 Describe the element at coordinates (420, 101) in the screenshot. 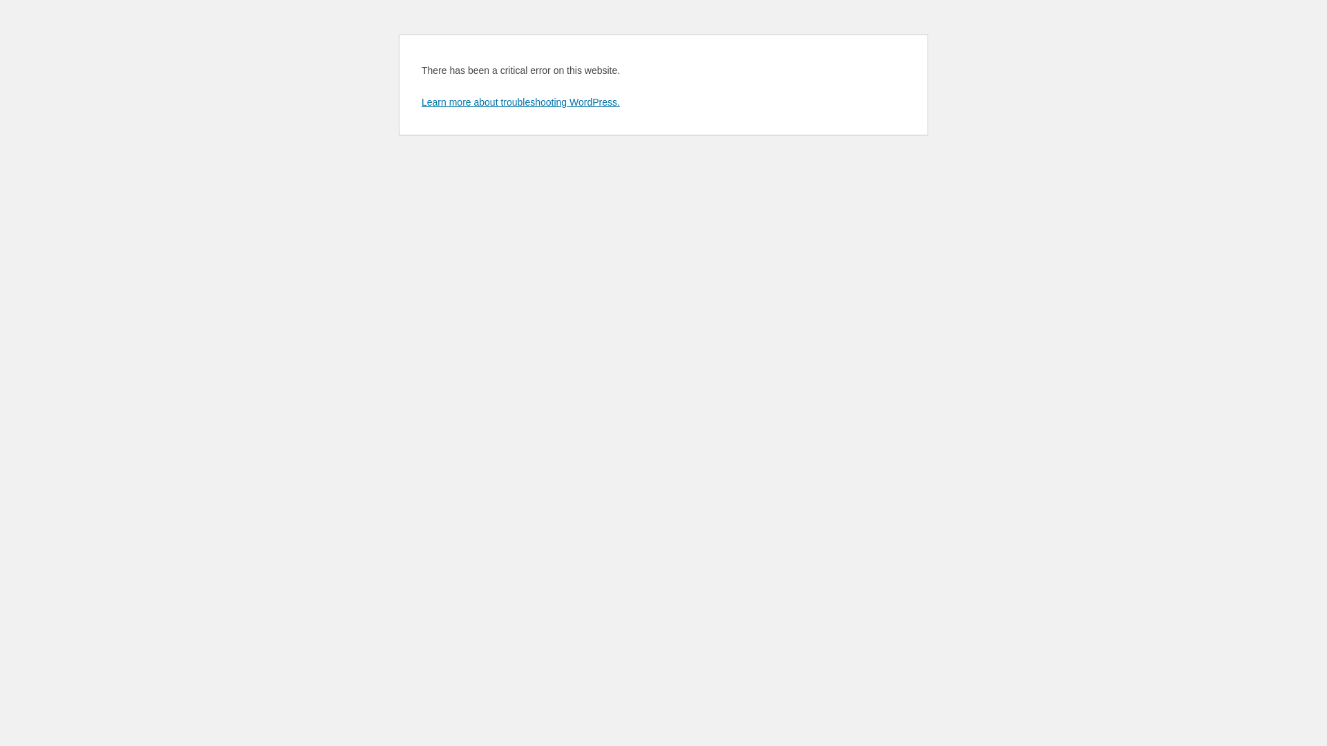

I see `'Learn more about troubleshooting WordPress.'` at that location.